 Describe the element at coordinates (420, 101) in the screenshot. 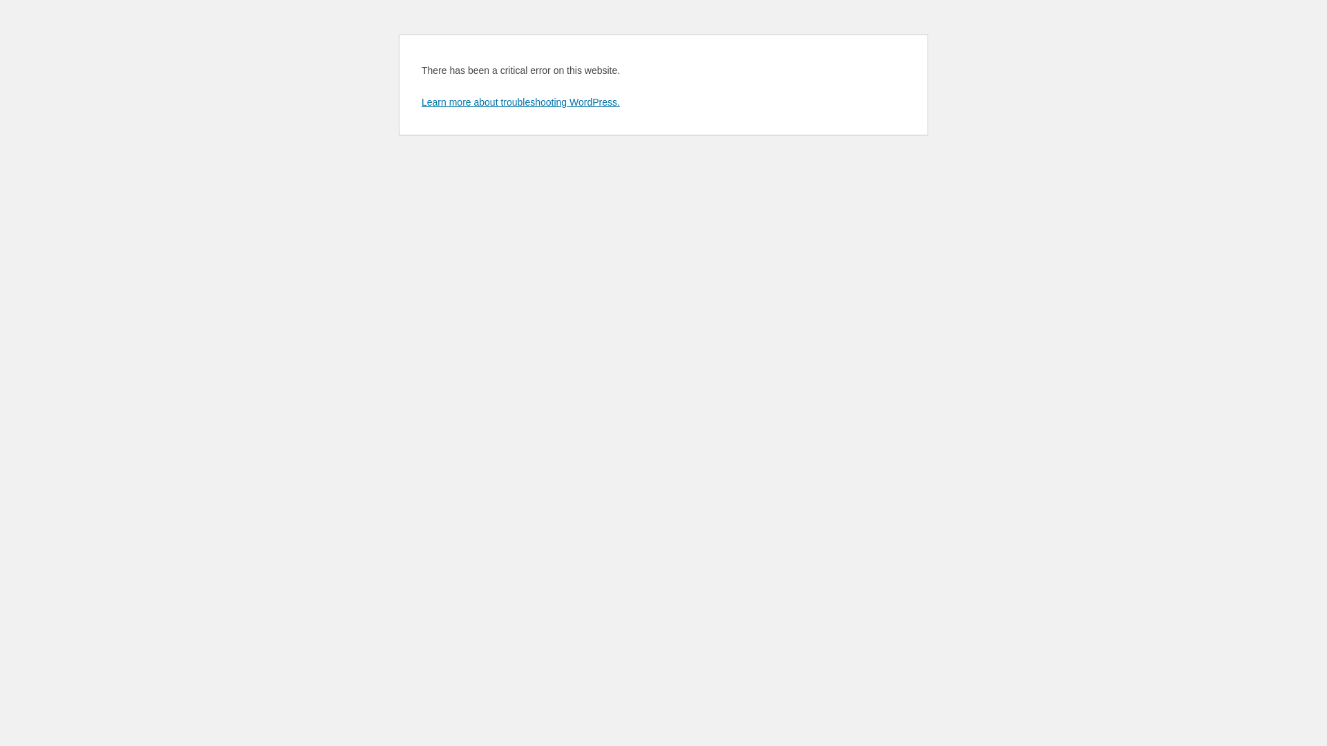

I see `'Learn more about troubleshooting WordPress.'` at that location.